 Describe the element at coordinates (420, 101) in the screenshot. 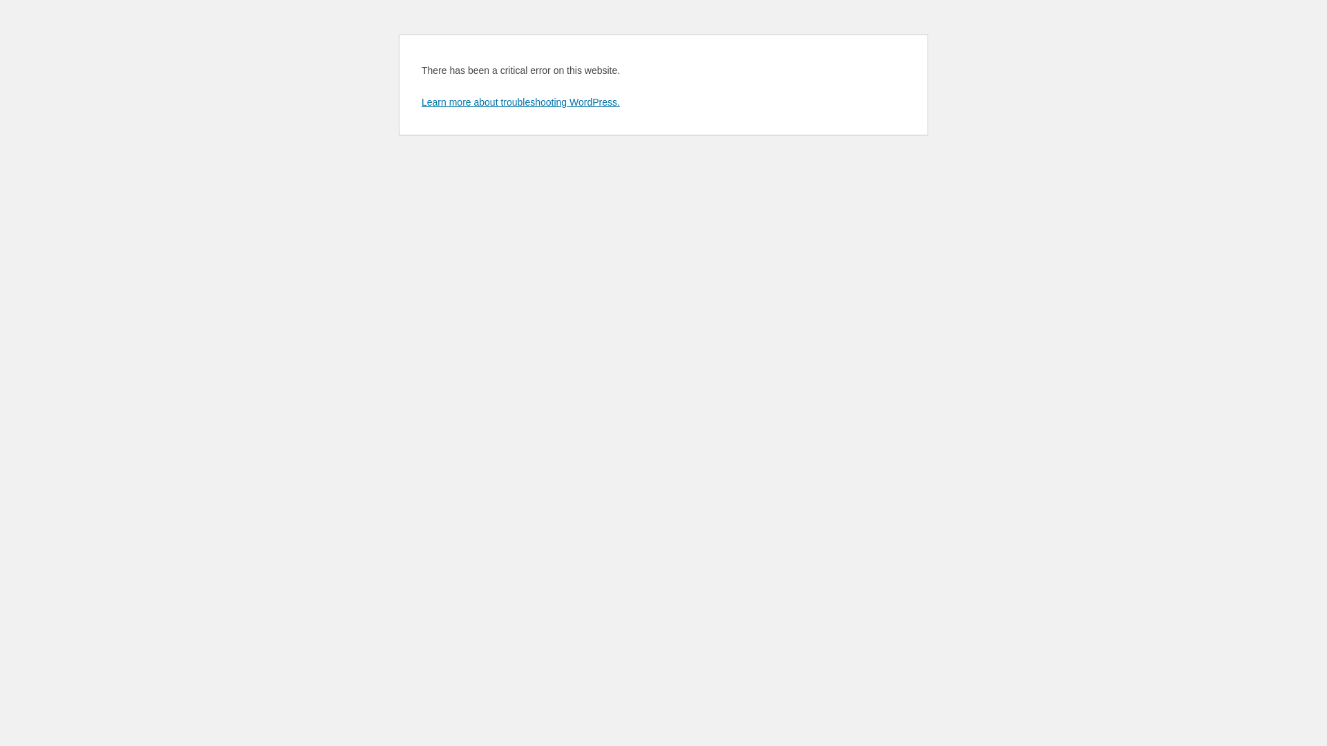

I see `'Learn more about troubleshooting WordPress.'` at that location.